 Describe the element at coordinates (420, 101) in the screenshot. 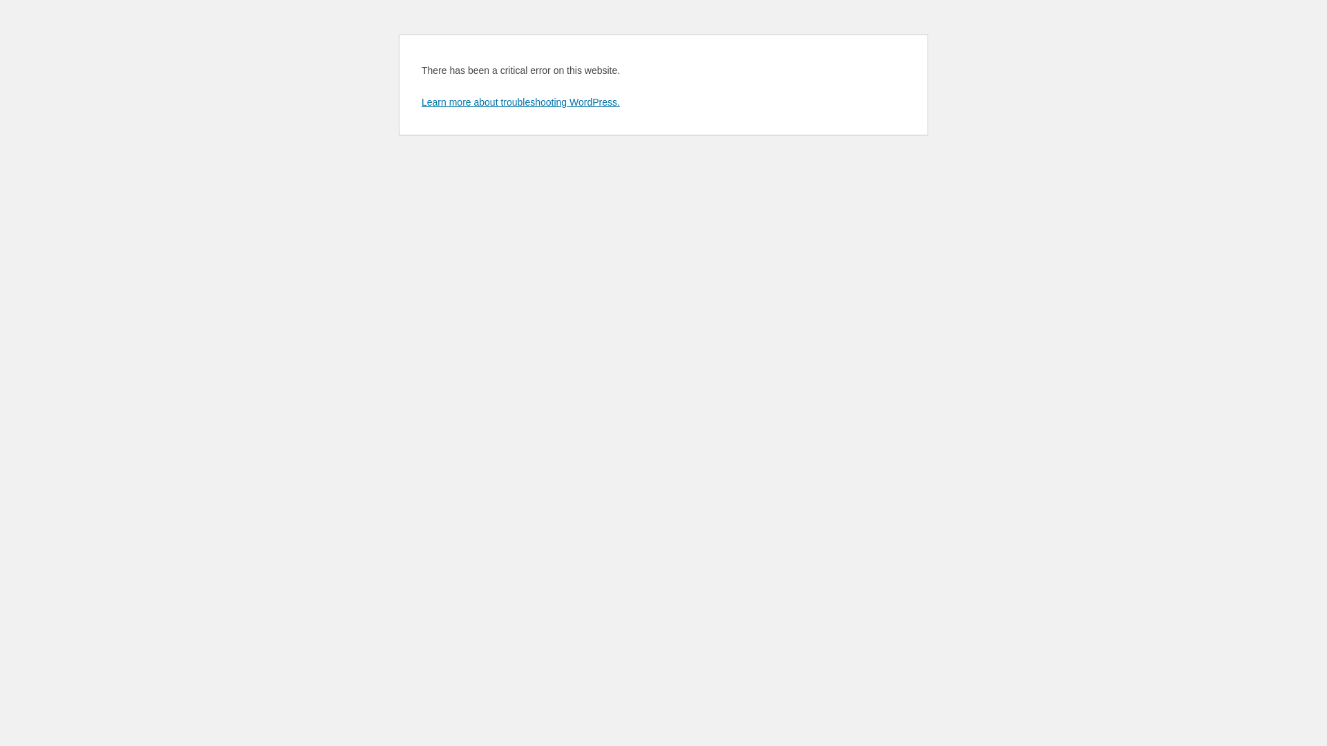

I see `'Learn more about troubleshooting WordPress.'` at that location.